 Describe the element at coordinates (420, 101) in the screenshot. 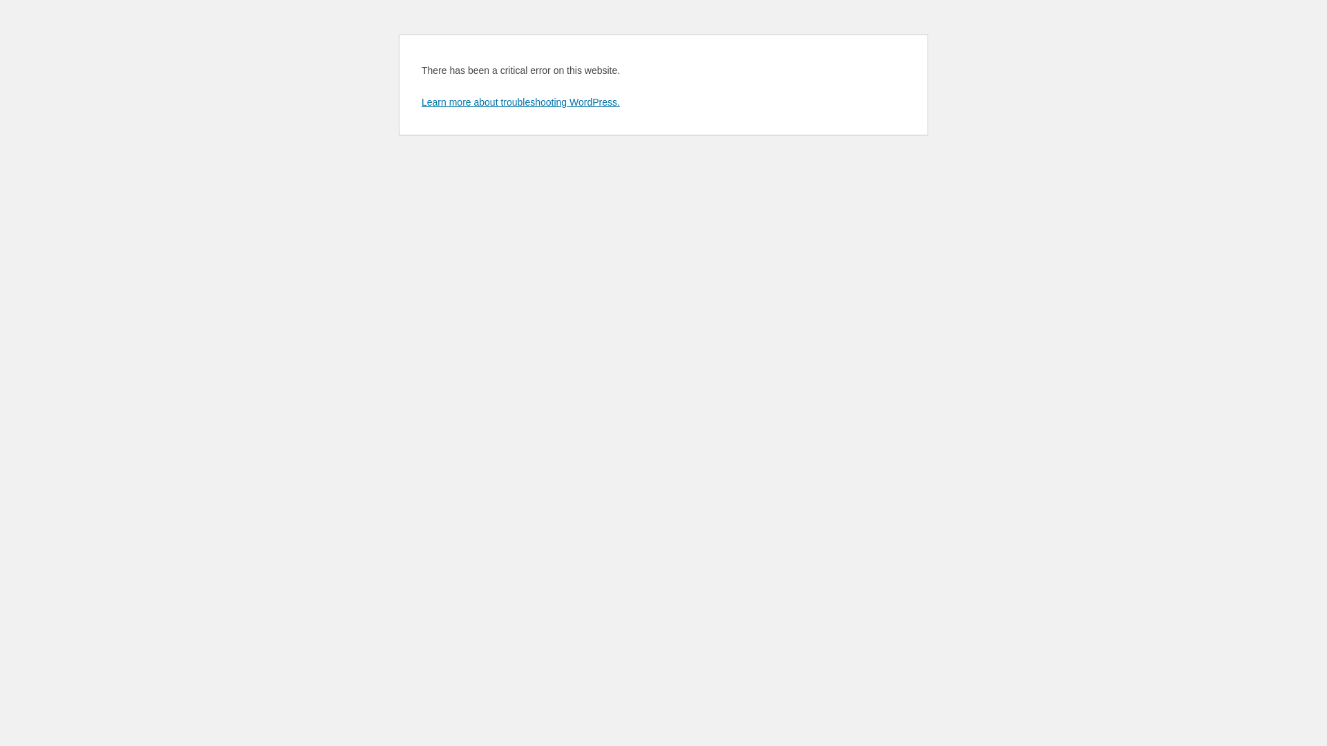

I see `'Learn more about troubleshooting WordPress.'` at that location.